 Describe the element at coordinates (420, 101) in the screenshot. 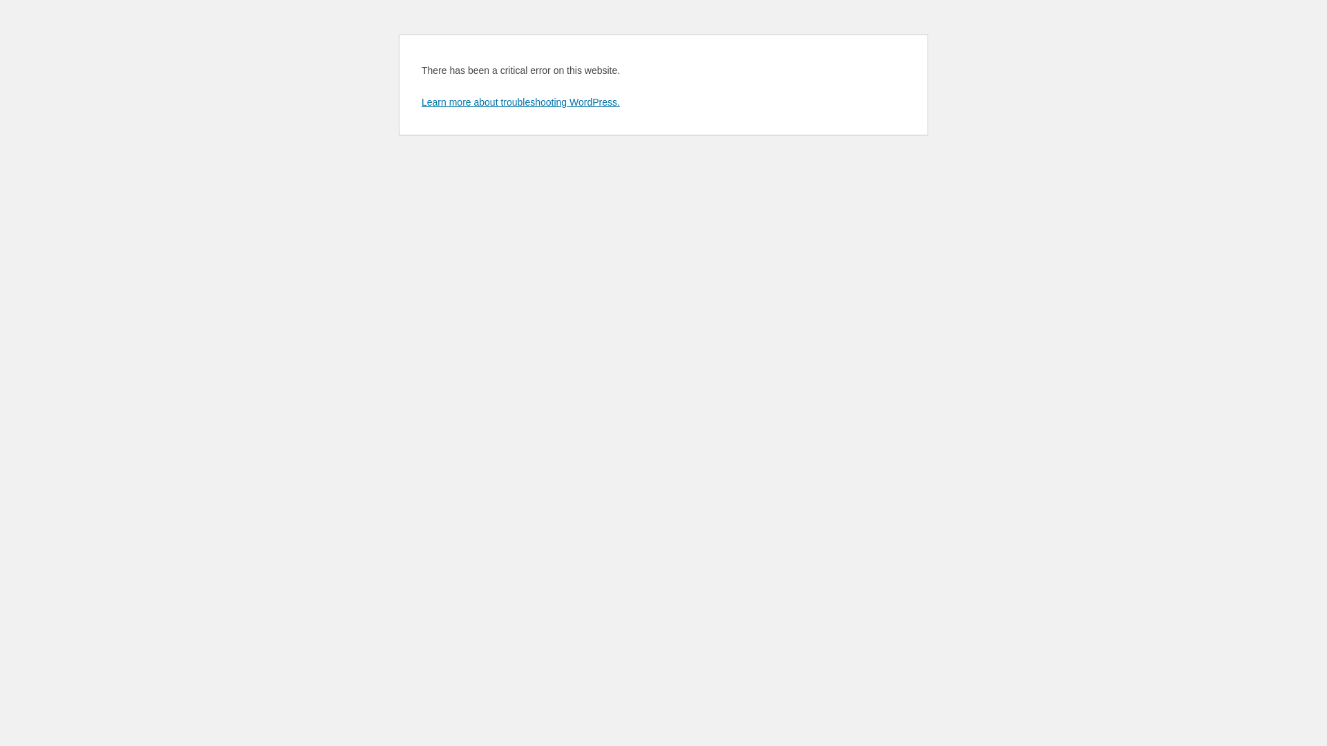

I see `'Learn more about troubleshooting WordPress.'` at that location.